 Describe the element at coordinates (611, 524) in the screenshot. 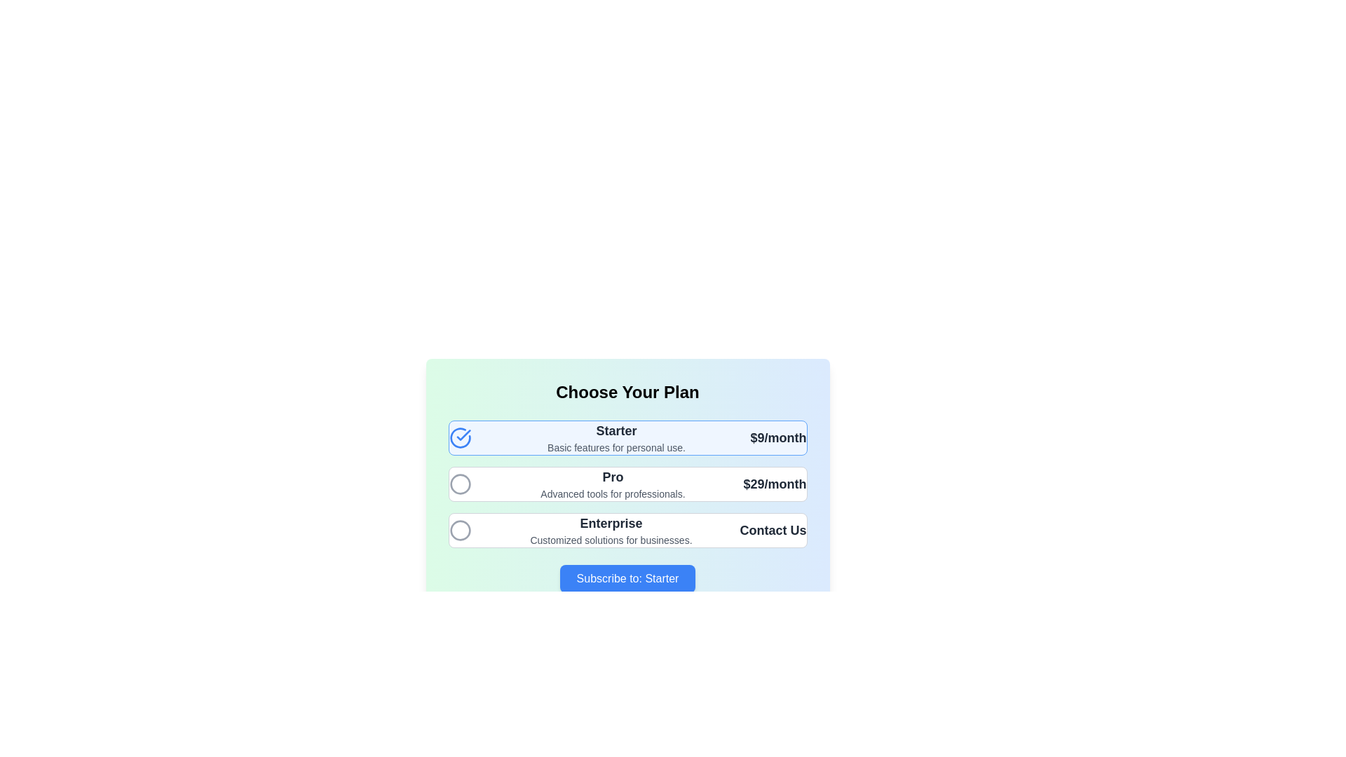

I see `the text label displaying 'Enterprise' in bold dark gray font, positioned under the 'Pro' plan and above the descriptive text in the 'Enterprise' plan information block` at that location.